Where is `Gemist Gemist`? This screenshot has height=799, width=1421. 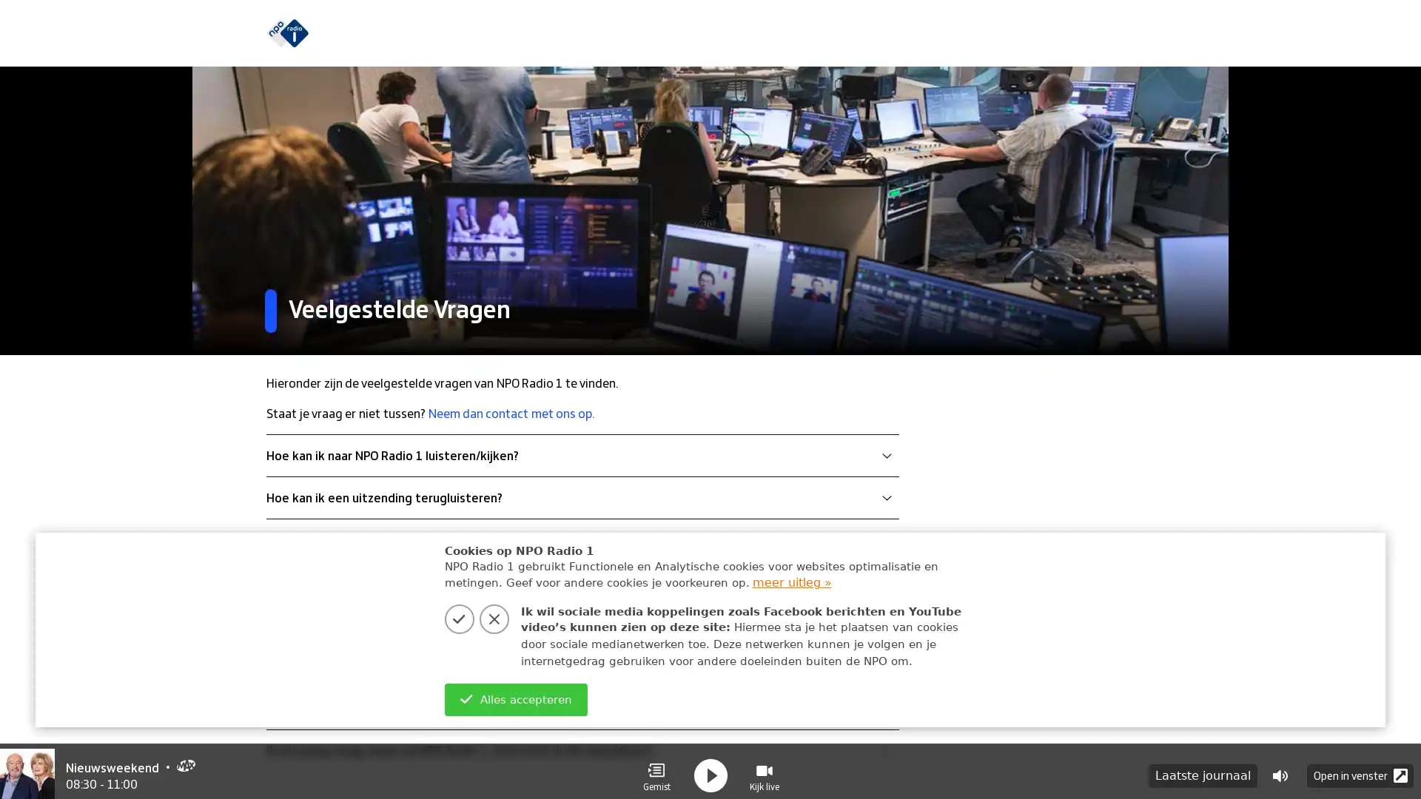 Gemist Gemist is located at coordinates (656, 766).